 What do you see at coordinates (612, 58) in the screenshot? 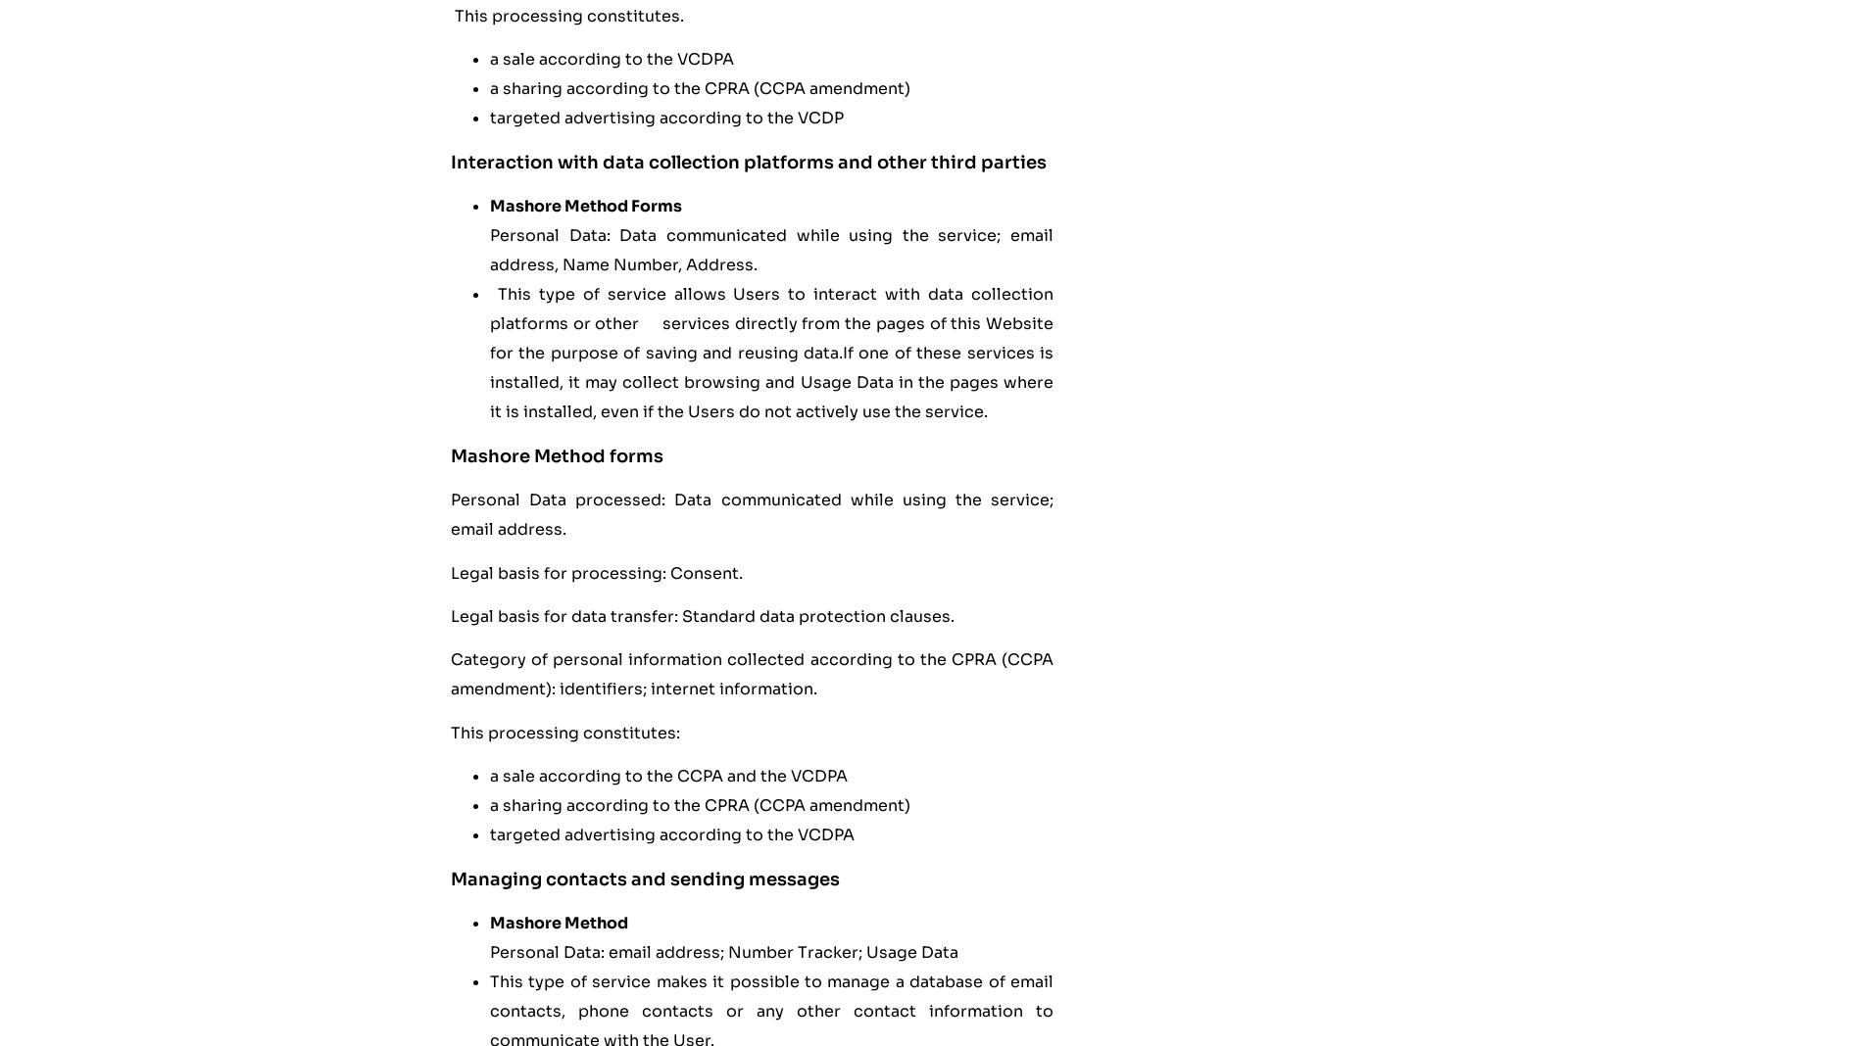
I see `'a sale according to the VCDPA'` at bounding box center [612, 58].